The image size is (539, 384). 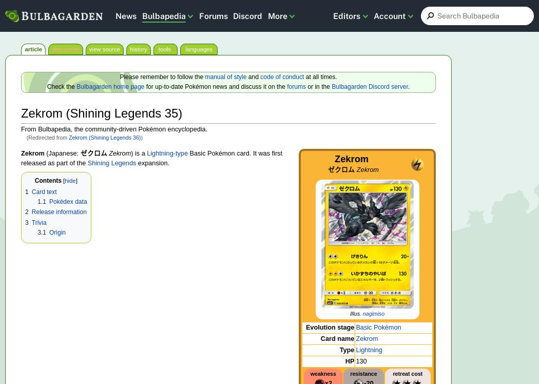 I want to click on 'From Bulbapedia, the community-driven Pokémon encyclopedia.', so click(x=113, y=129).